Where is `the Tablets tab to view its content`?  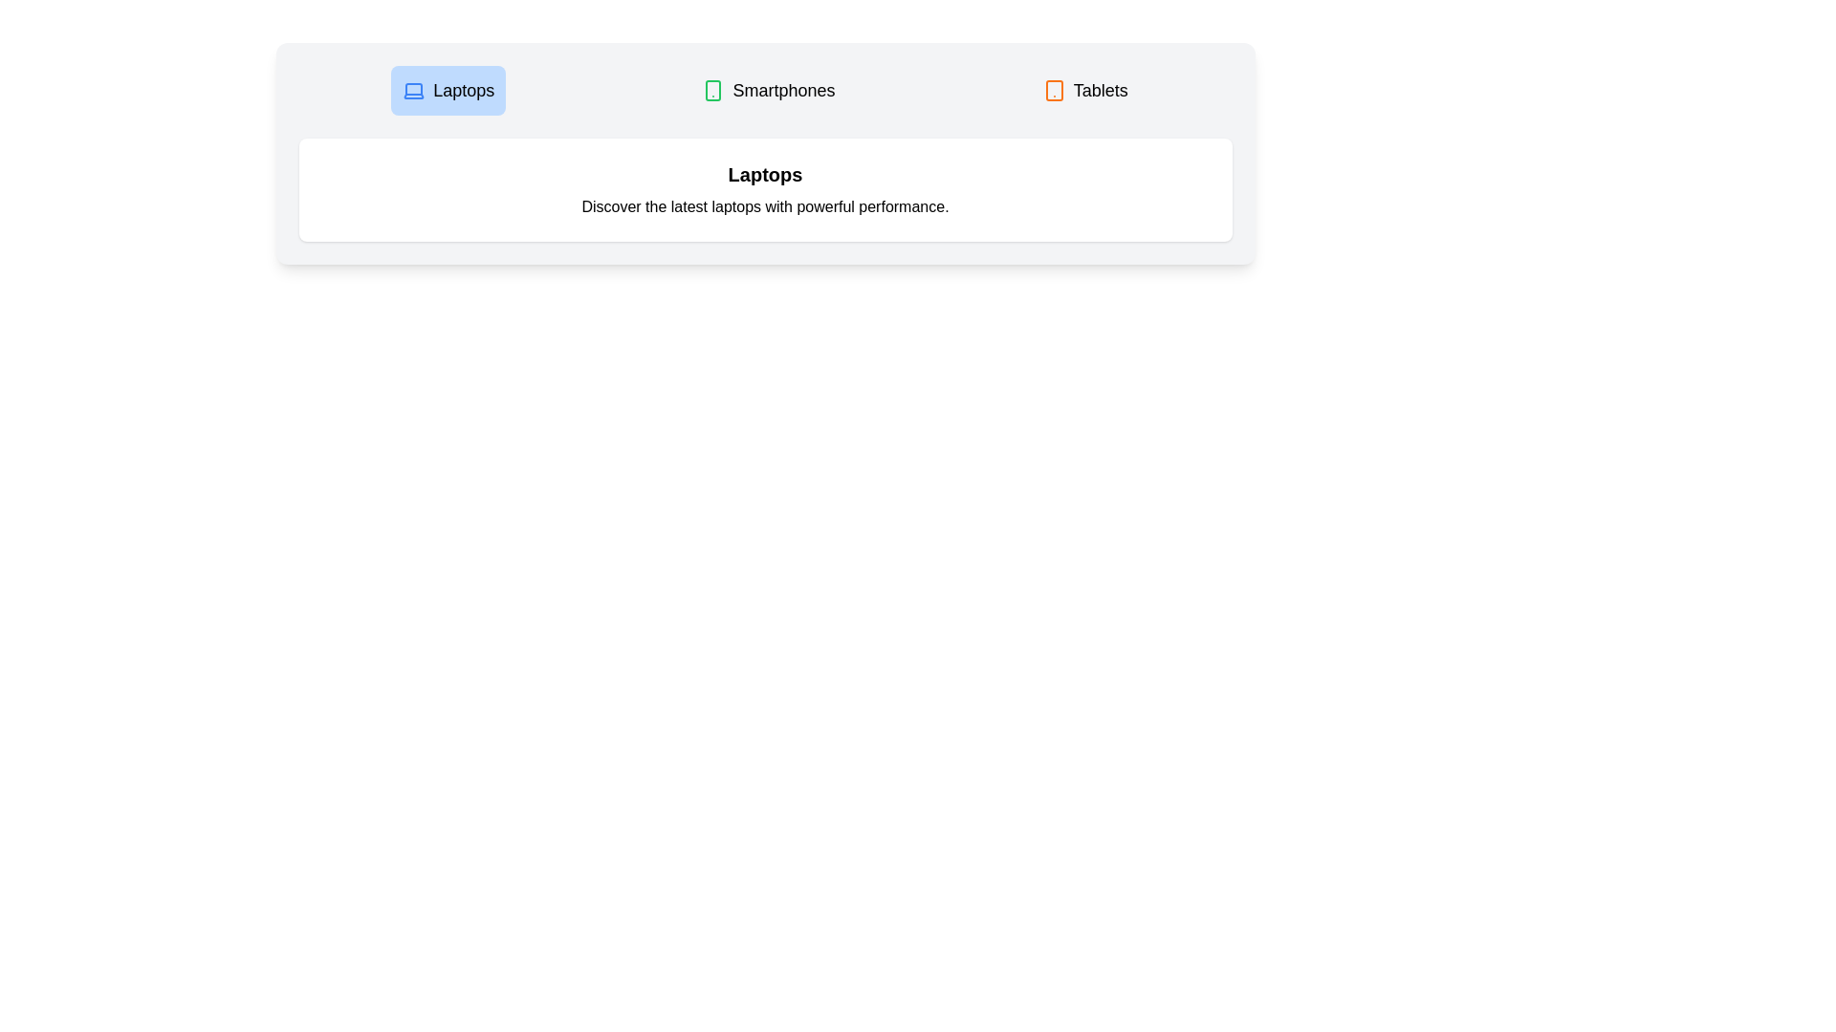 the Tablets tab to view its content is located at coordinates (1084, 91).